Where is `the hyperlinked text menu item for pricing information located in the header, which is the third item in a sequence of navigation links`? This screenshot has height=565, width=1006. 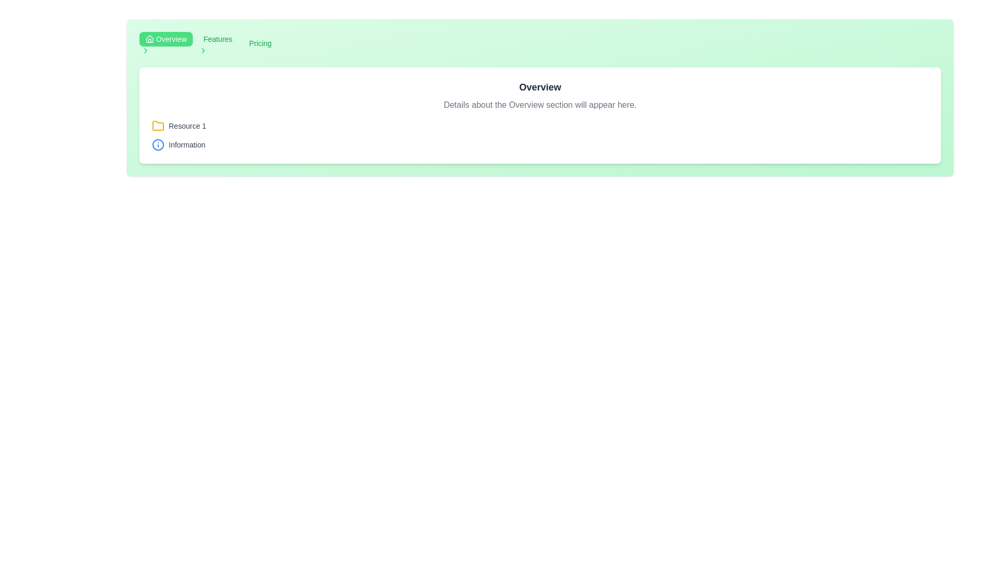 the hyperlinked text menu item for pricing information located in the header, which is the third item in a sequence of navigation links is located at coordinates (260, 43).